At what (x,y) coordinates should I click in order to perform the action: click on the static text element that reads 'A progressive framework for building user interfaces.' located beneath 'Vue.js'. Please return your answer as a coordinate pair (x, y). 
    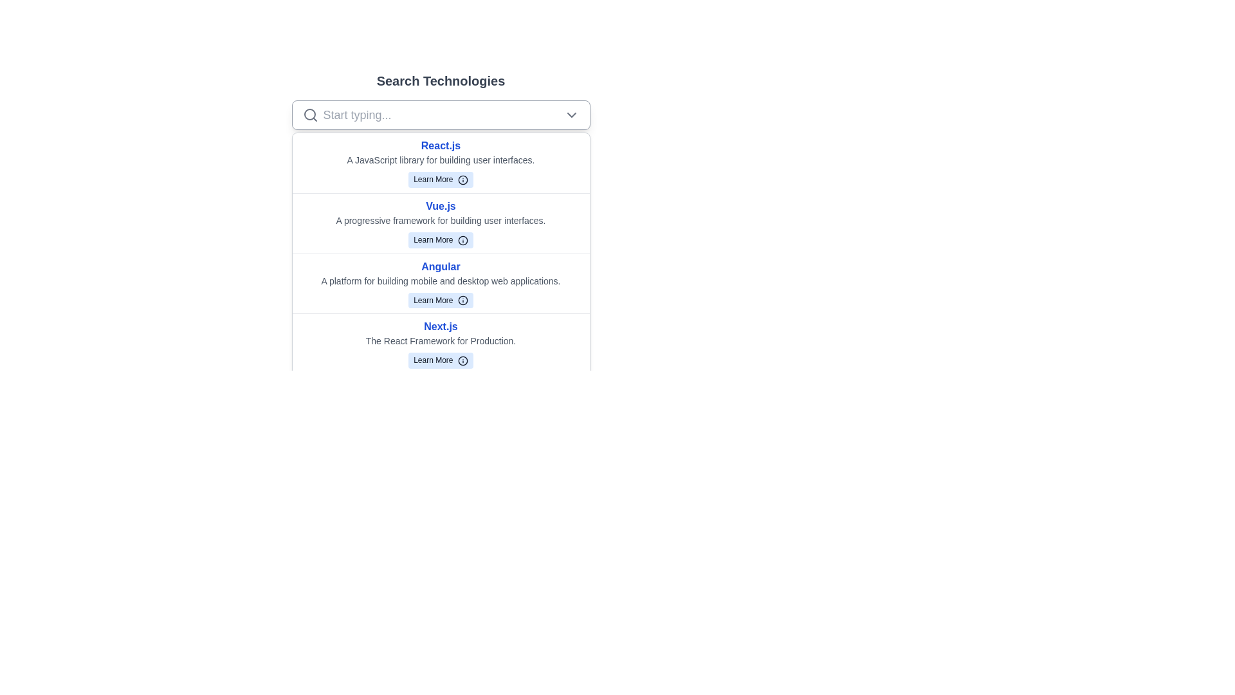
    Looking at the image, I should click on (441, 219).